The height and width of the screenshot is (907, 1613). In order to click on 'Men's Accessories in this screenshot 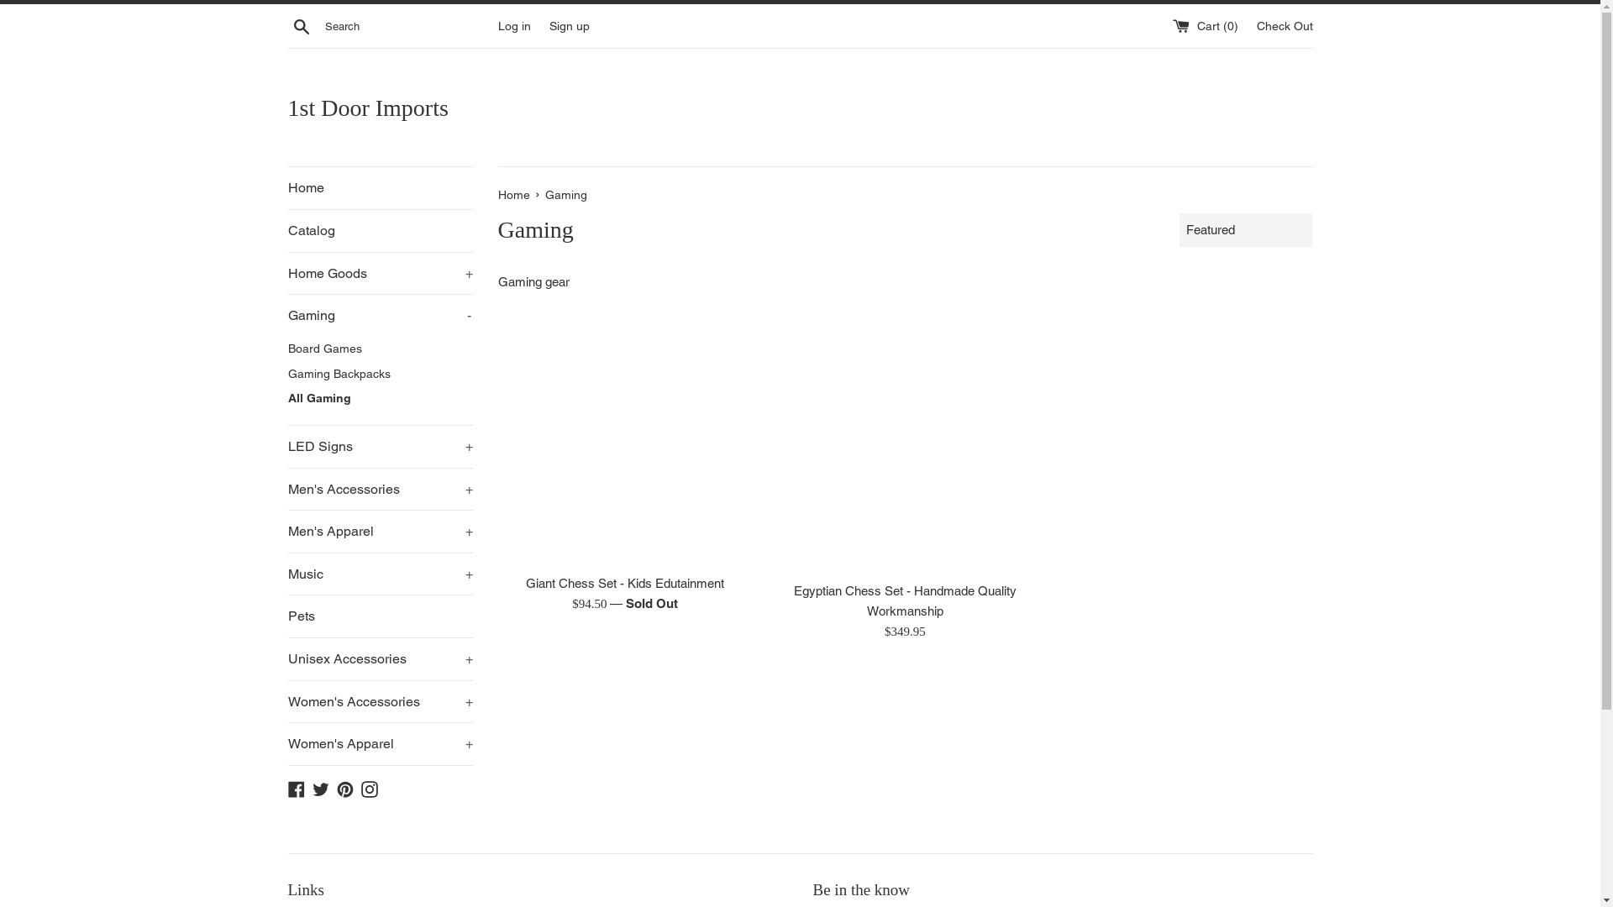, I will do `click(378, 489)`.